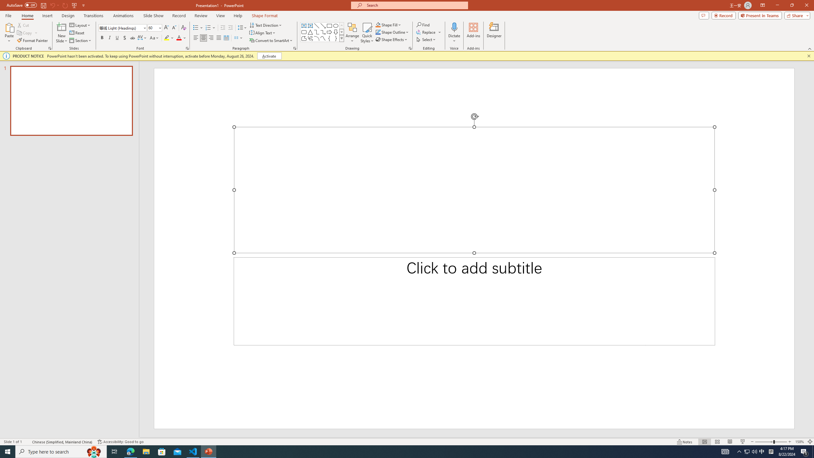 The width and height of the screenshot is (814, 458). I want to click on 'Format Object...', so click(410, 48).